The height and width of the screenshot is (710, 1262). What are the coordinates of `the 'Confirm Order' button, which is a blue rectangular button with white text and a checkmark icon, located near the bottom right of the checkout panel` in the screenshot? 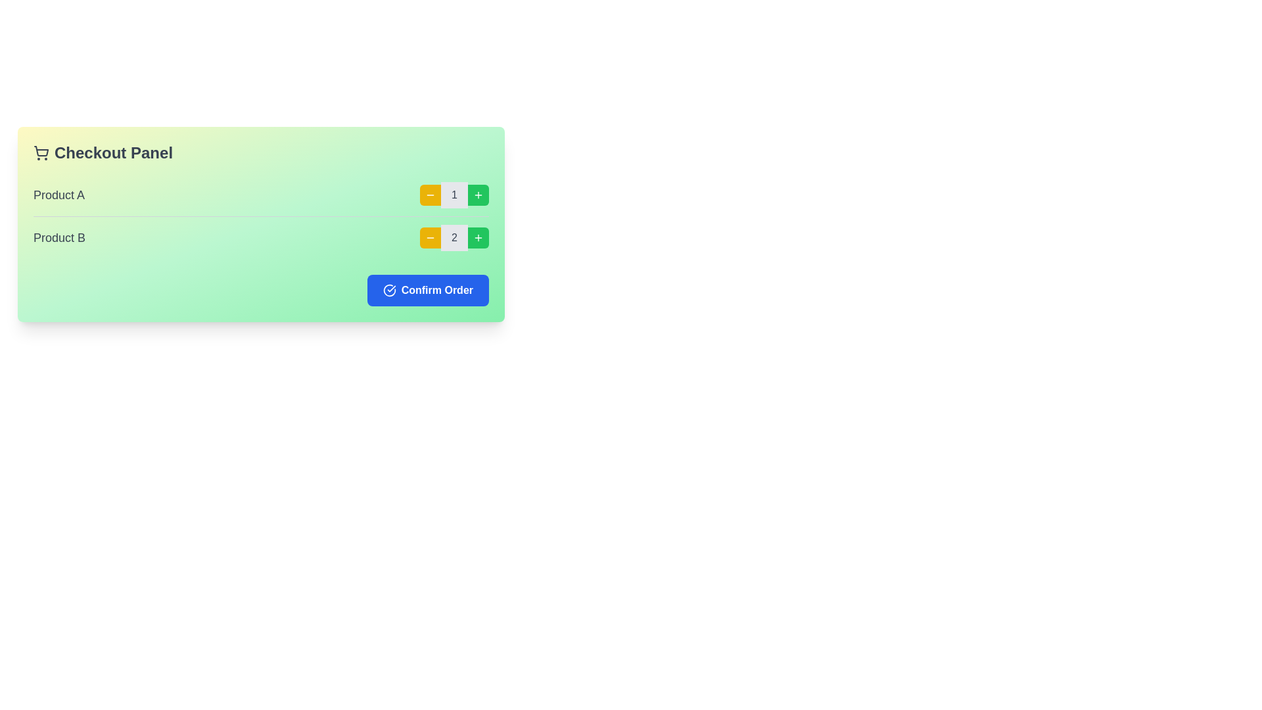 It's located at (428, 290).